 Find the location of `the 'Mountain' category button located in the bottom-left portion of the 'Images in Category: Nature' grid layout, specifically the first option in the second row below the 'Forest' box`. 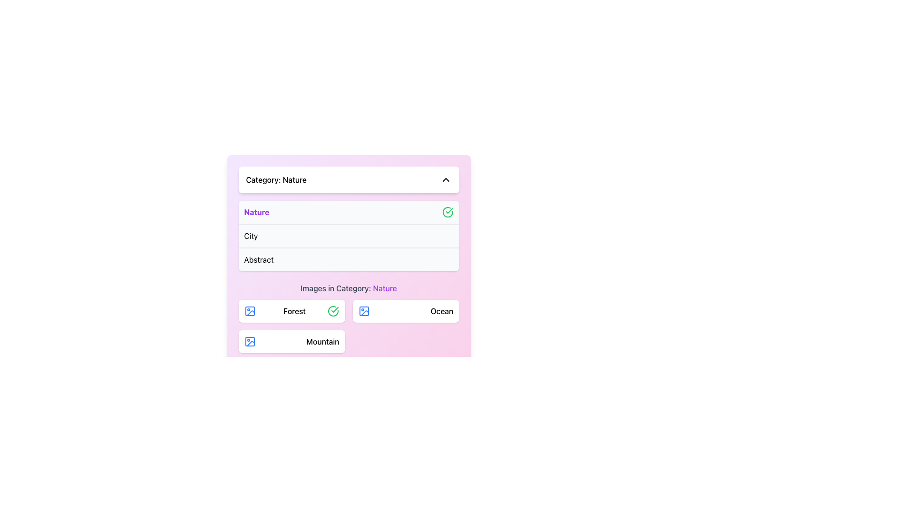

the 'Mountain' category button located in the bottom-left portion of the 'Images in Category: Nature' grid layout, specifically the first option in the second row below the 'Forest' box is located at coordinates (291, 341).